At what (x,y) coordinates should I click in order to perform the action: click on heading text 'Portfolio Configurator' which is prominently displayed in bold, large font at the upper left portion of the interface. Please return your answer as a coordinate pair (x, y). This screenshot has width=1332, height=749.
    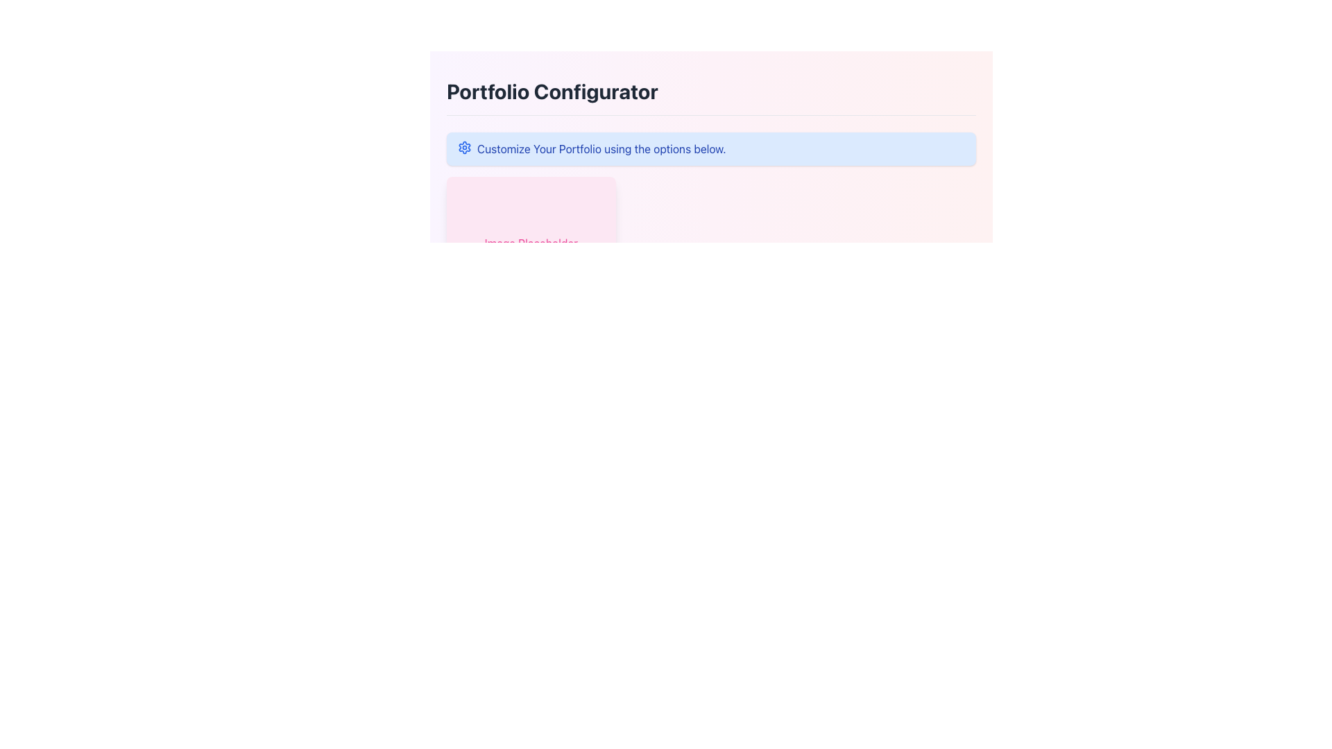
    Looking at the image, I should click on (552, 91).